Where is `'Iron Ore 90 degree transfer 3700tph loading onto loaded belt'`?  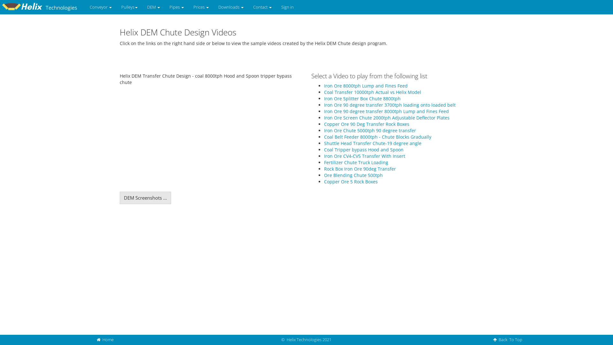 'Iron Ore 90 degree transfer 3700tph loading onto loaded belt' is located at coordinates (389, 104).